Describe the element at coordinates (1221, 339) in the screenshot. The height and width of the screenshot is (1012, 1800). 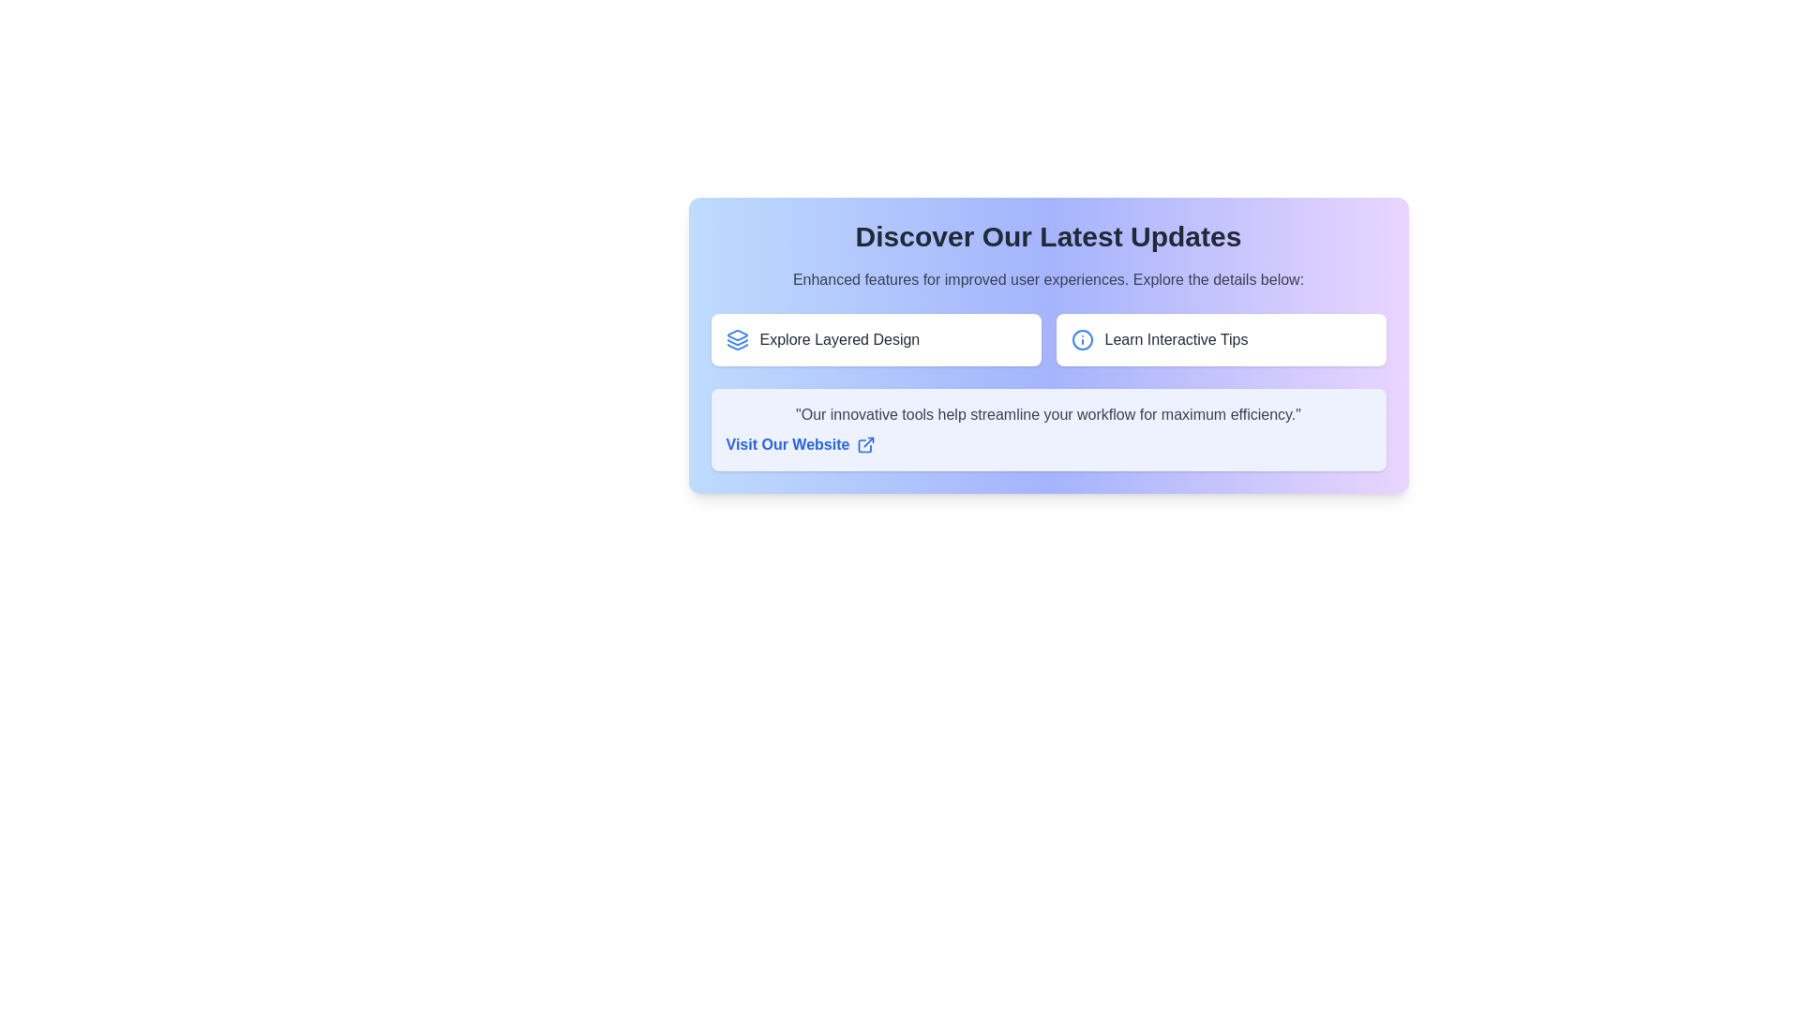
I see `the navigational button located` at that location.